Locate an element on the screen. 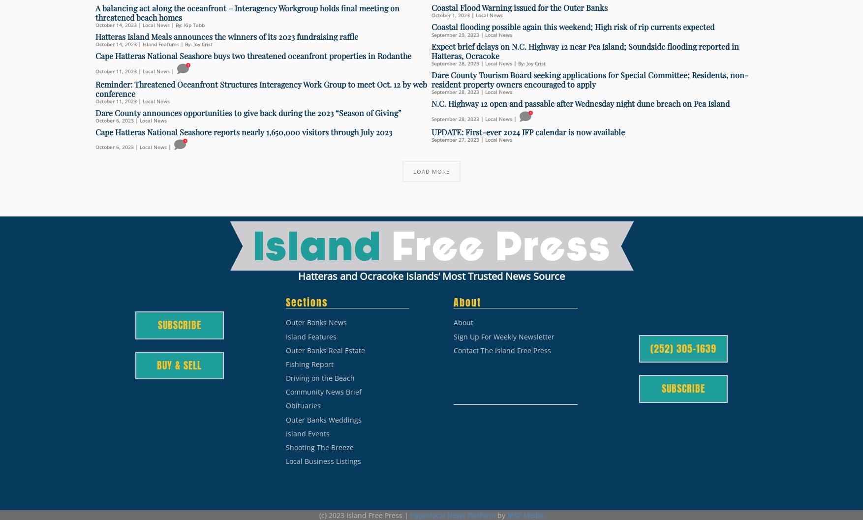 This screenshot has width=863, height=520. 'Community News Brief' is located at coordinates (323, 392).